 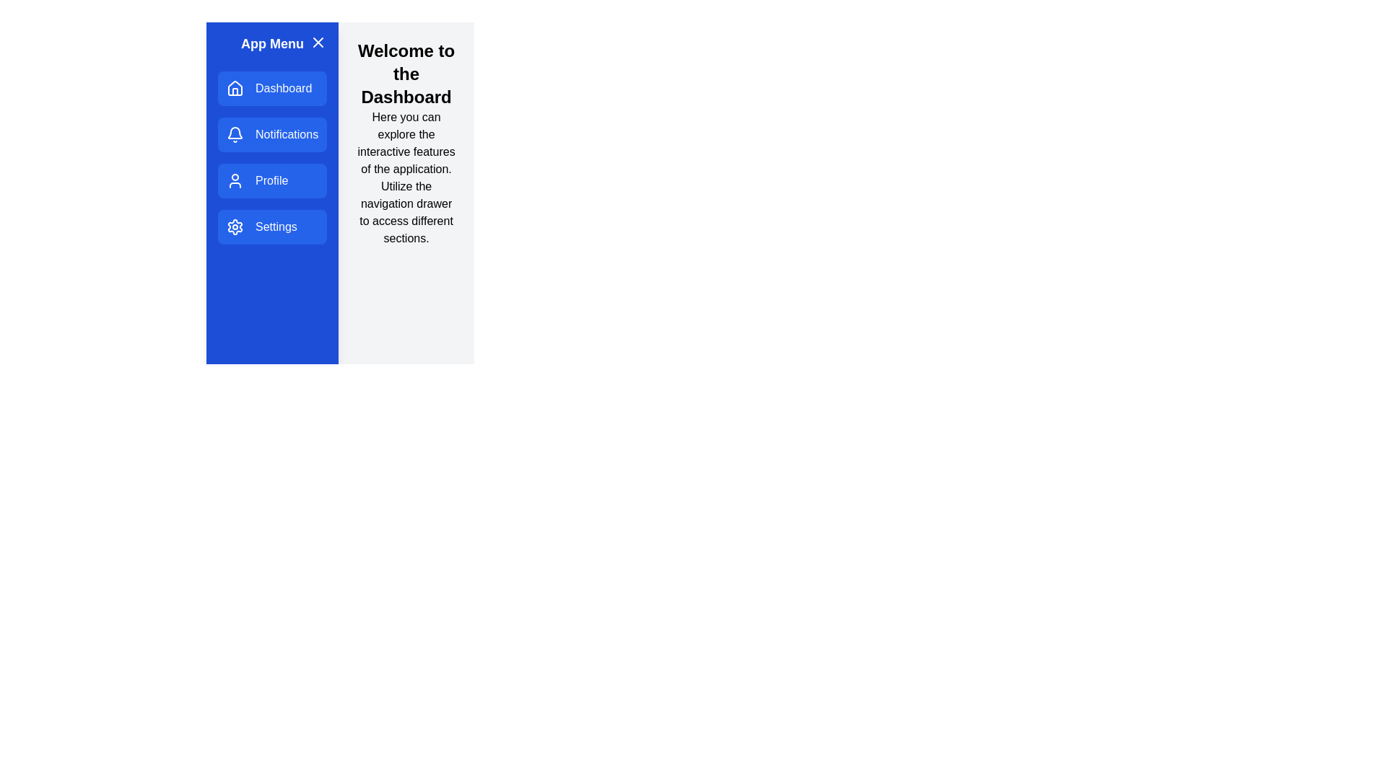 I want to click on the close button located at the top-right corner of the sidebar menu, so click(x=318, y=41).